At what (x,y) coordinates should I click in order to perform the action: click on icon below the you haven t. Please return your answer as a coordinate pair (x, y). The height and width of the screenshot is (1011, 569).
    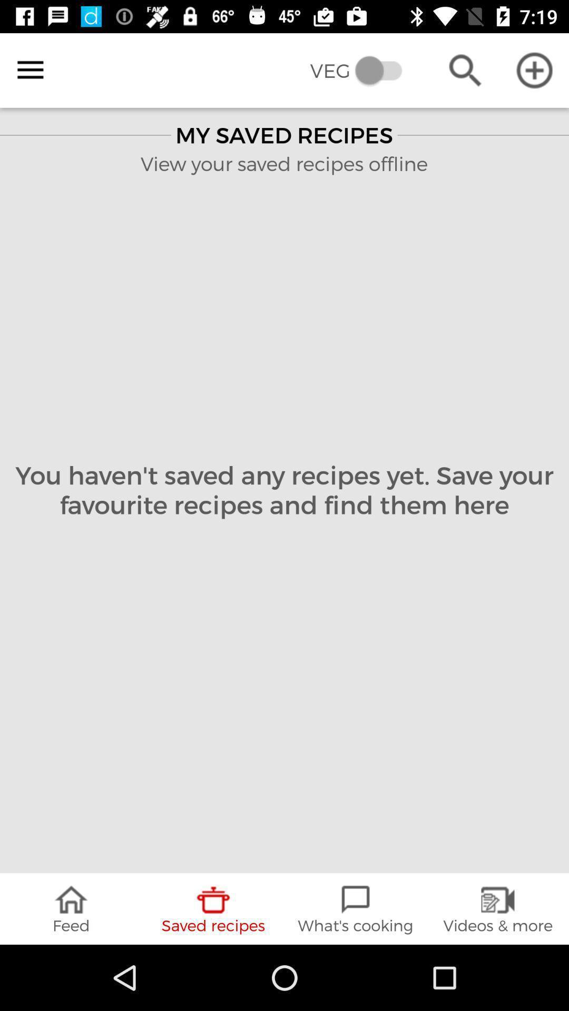
    Looking at the image, I should click on (71, 908).